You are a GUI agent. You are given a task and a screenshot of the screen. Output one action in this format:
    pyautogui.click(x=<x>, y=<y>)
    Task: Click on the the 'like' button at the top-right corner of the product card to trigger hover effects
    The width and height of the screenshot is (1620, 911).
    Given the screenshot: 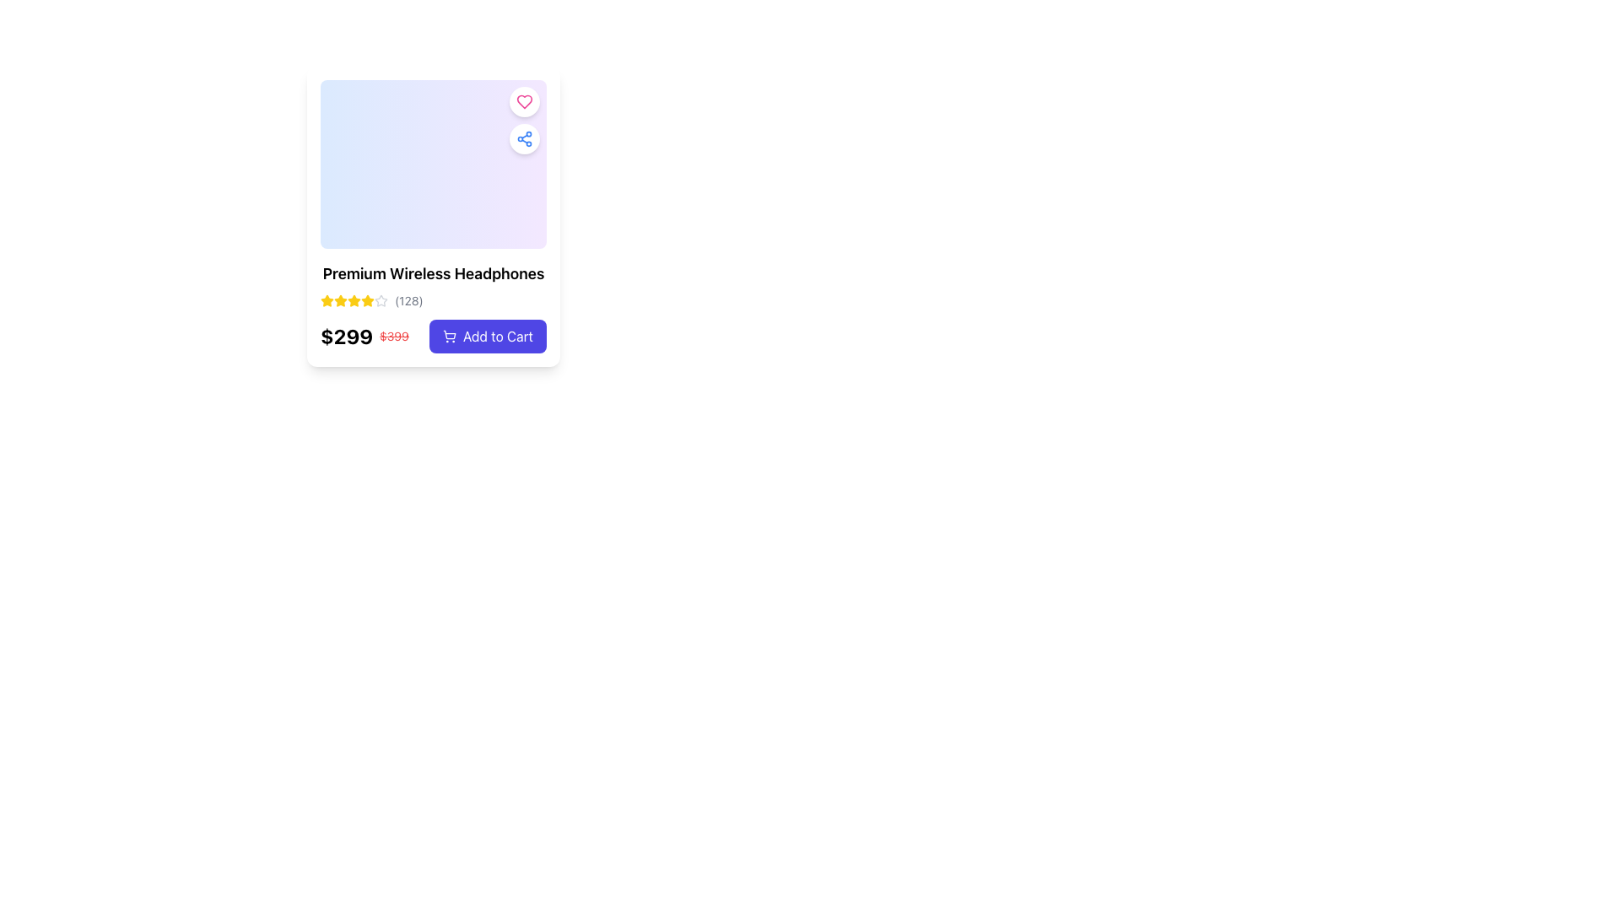 What is the action you would take?
    pyautogui.click(x=524, y=101)
    